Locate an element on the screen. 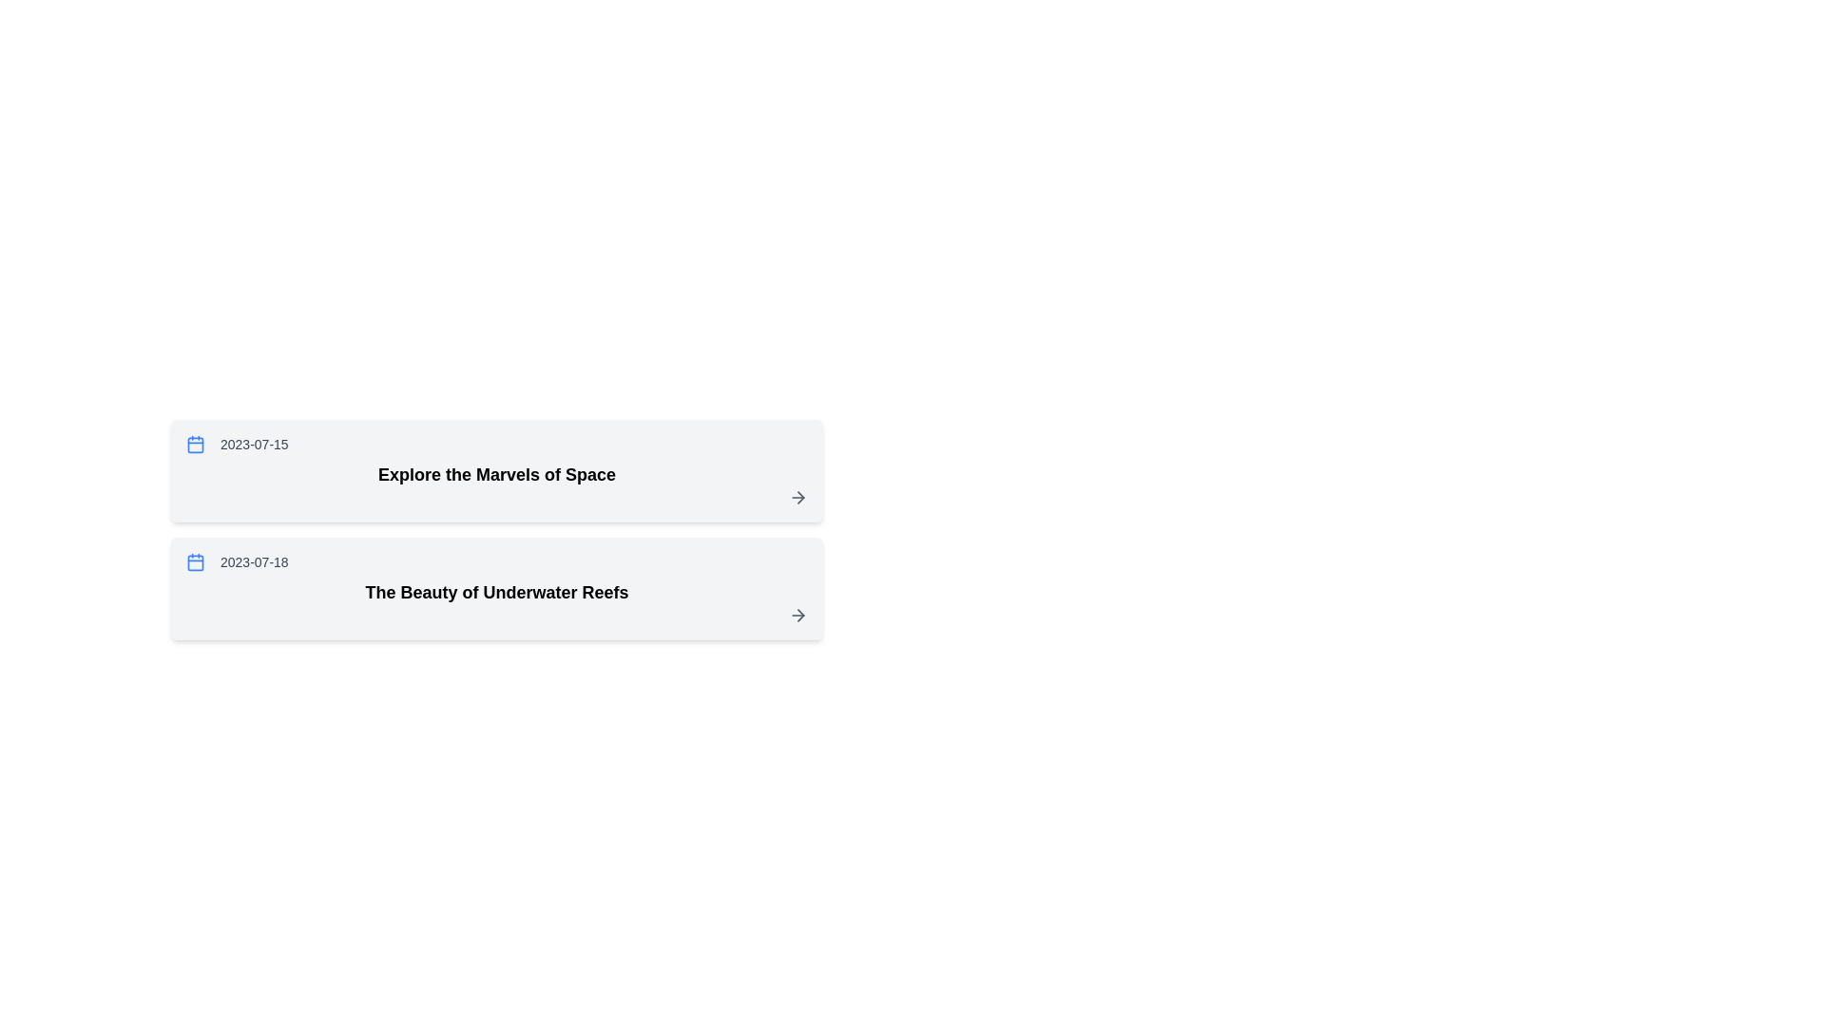  date displayed in the text label located in the lower card, positioned to the right of the calendar icon is located at coordinates (253, 560).